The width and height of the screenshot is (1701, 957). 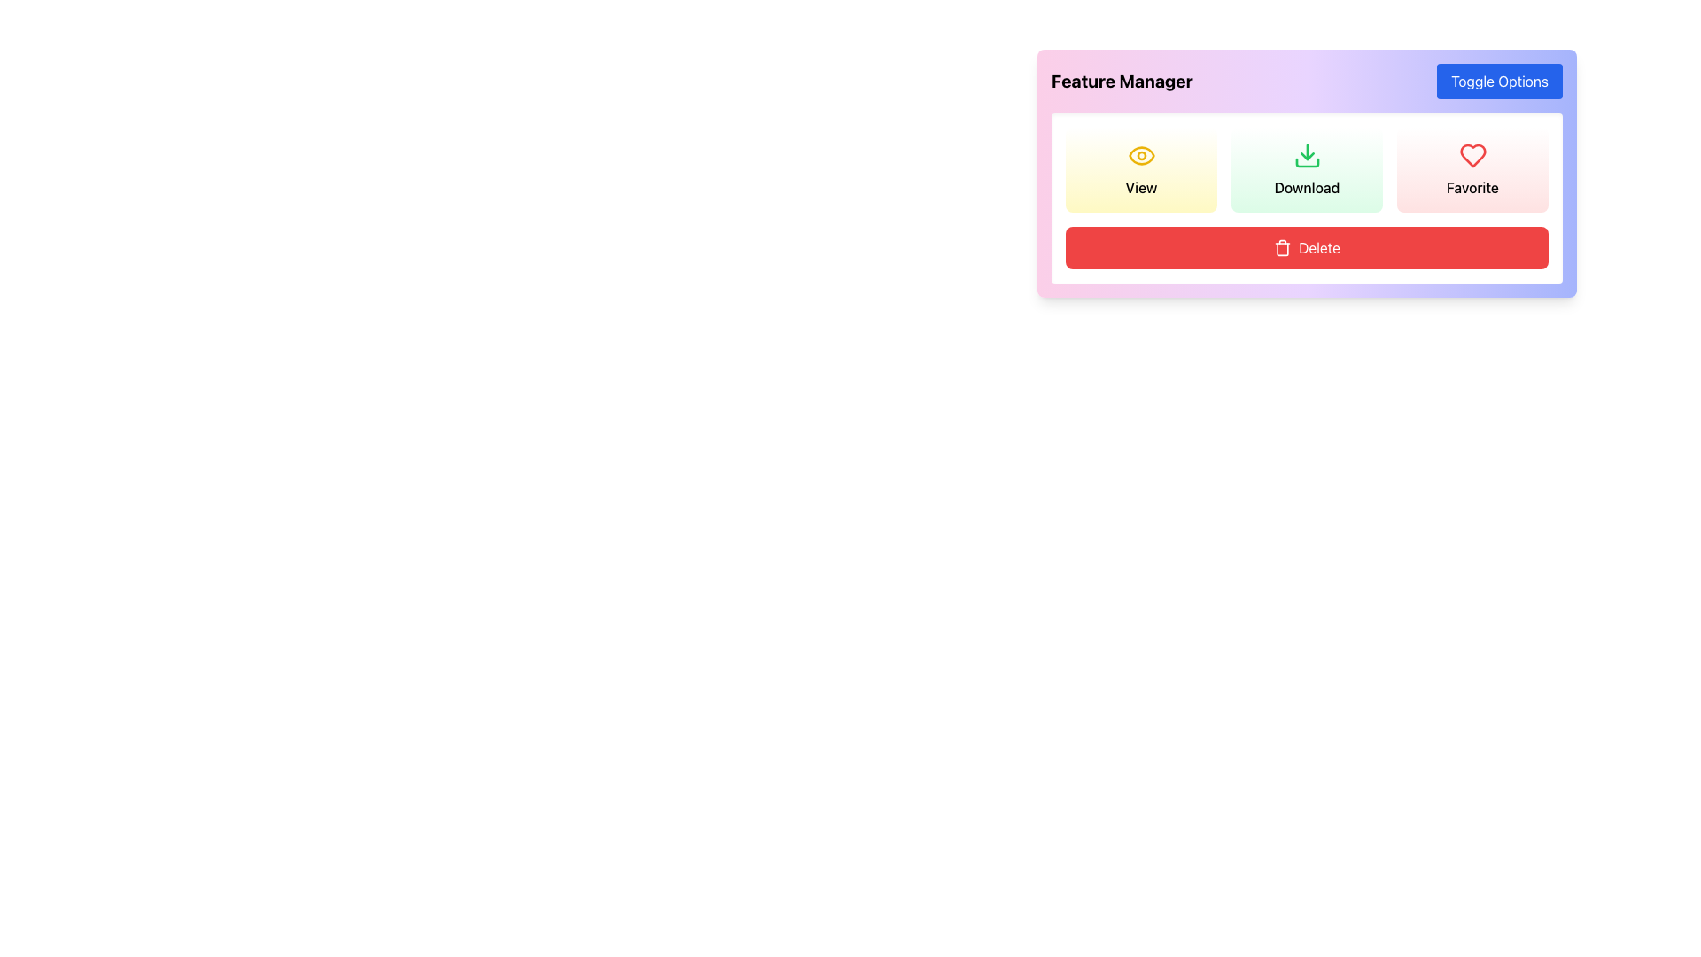 I want to click on the curved eye-shaped icon button with a gradient yellow to orange color in the 'Feature Manager' section, so click(x=1141, y=155).